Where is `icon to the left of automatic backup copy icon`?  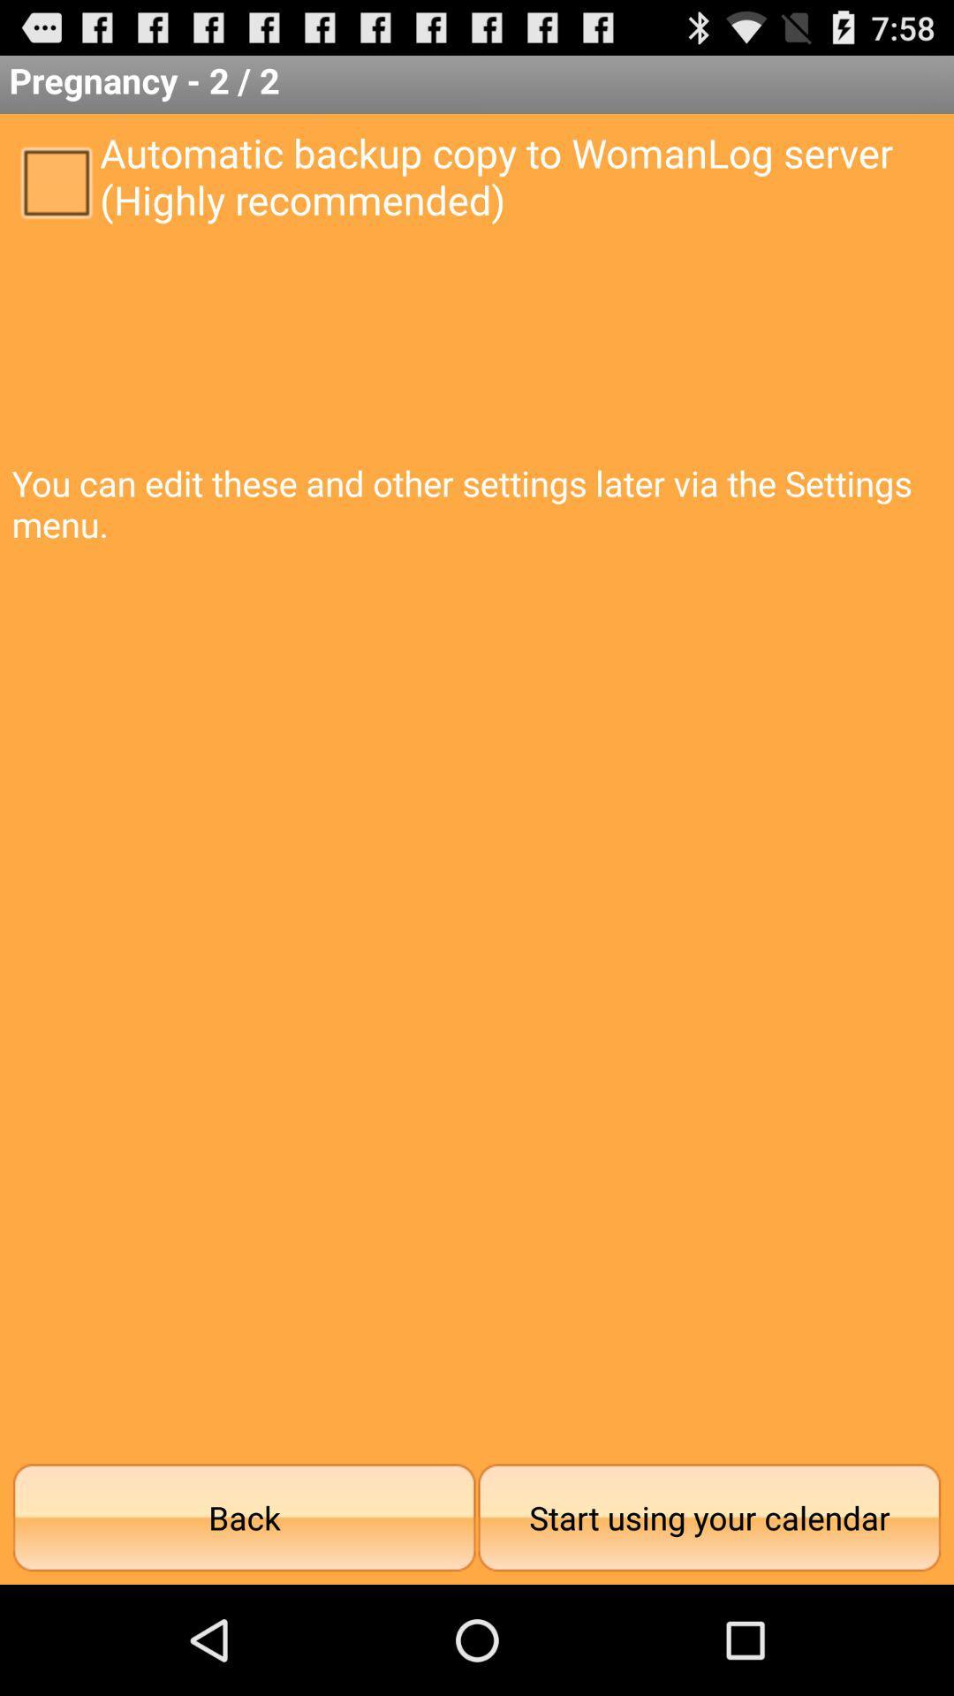
icon to the left of automatic backup copy icon is located at coordinates (55, 181).